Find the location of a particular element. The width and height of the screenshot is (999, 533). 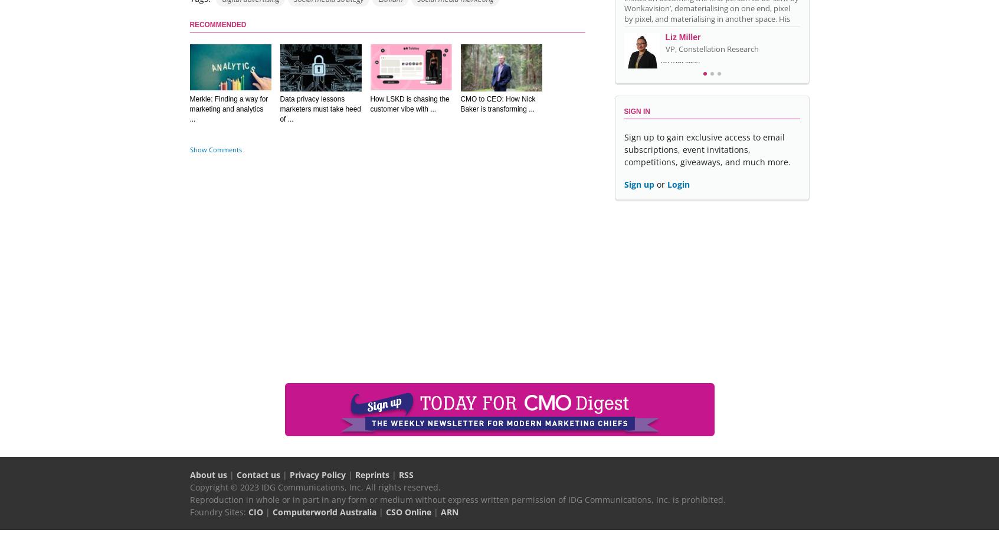

'Privacy Policy' is located at coordinates (289, 474).